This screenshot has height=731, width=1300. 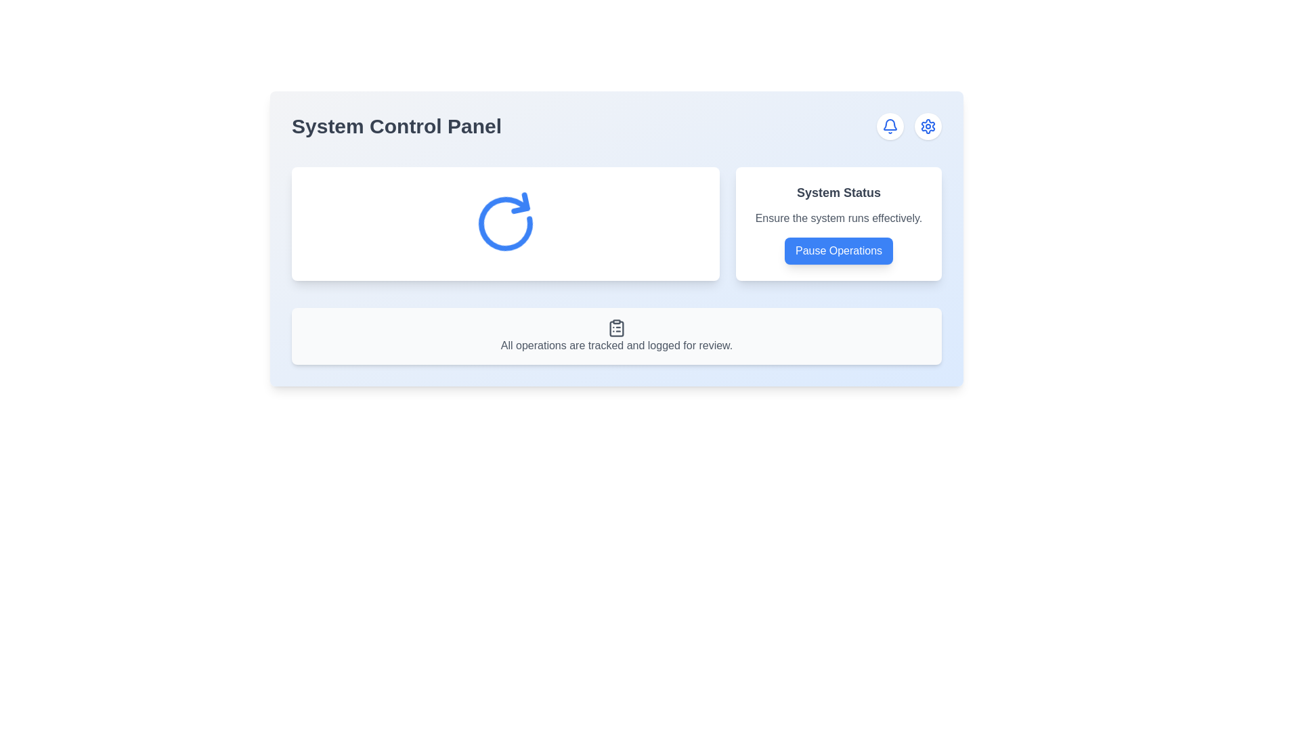 I want to click on the informational message box with a clipboard icon and the text 'All operations are tracked and logged for review' located at the bottom of the 'System Control Panel', so click(x=616, y=336).